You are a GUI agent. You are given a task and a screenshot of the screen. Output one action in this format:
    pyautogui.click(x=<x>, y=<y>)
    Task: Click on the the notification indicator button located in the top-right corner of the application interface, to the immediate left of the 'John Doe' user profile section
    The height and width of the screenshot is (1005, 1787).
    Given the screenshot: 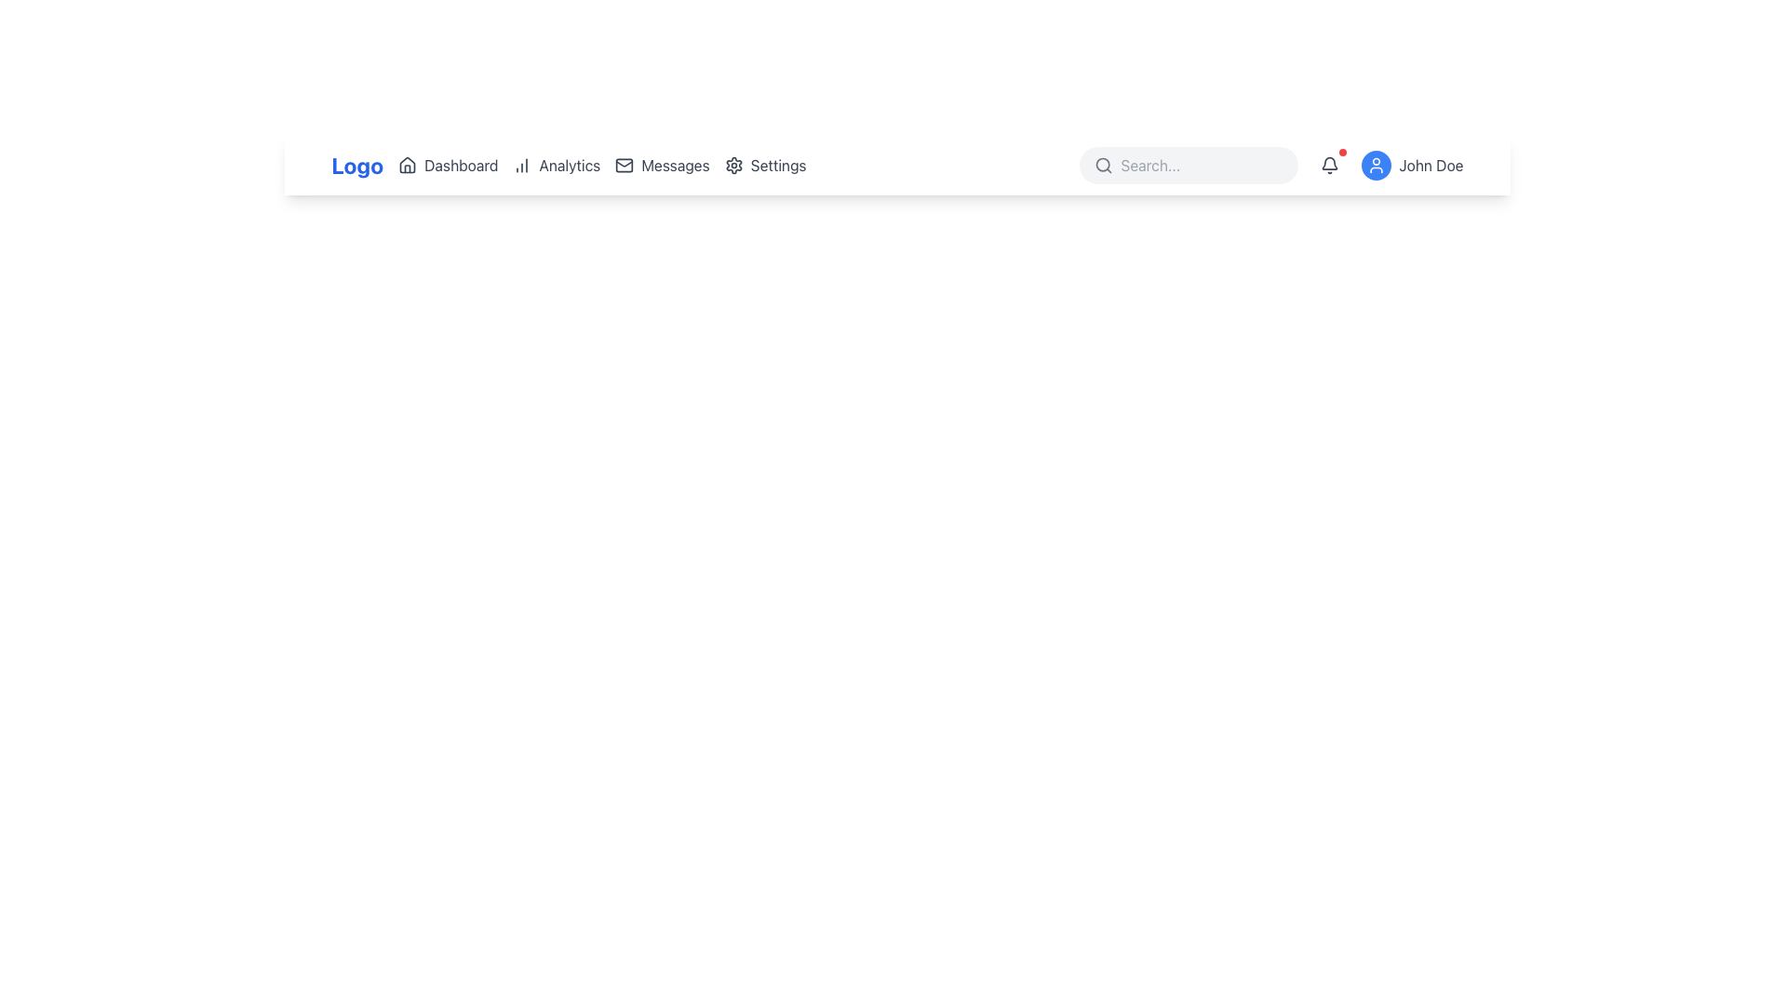 What is the action you would take?
    pyautogui.click(x=1329, y=164)
    